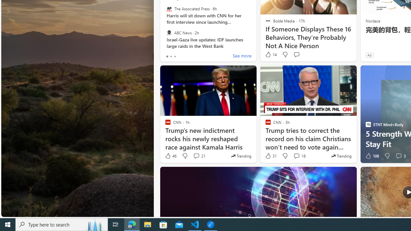 This screenshot has height=231, width=411. What do you see at coordinates (372, 20) in the screenshot?
I see `'Nordace'` at bounding box center [372, 20].